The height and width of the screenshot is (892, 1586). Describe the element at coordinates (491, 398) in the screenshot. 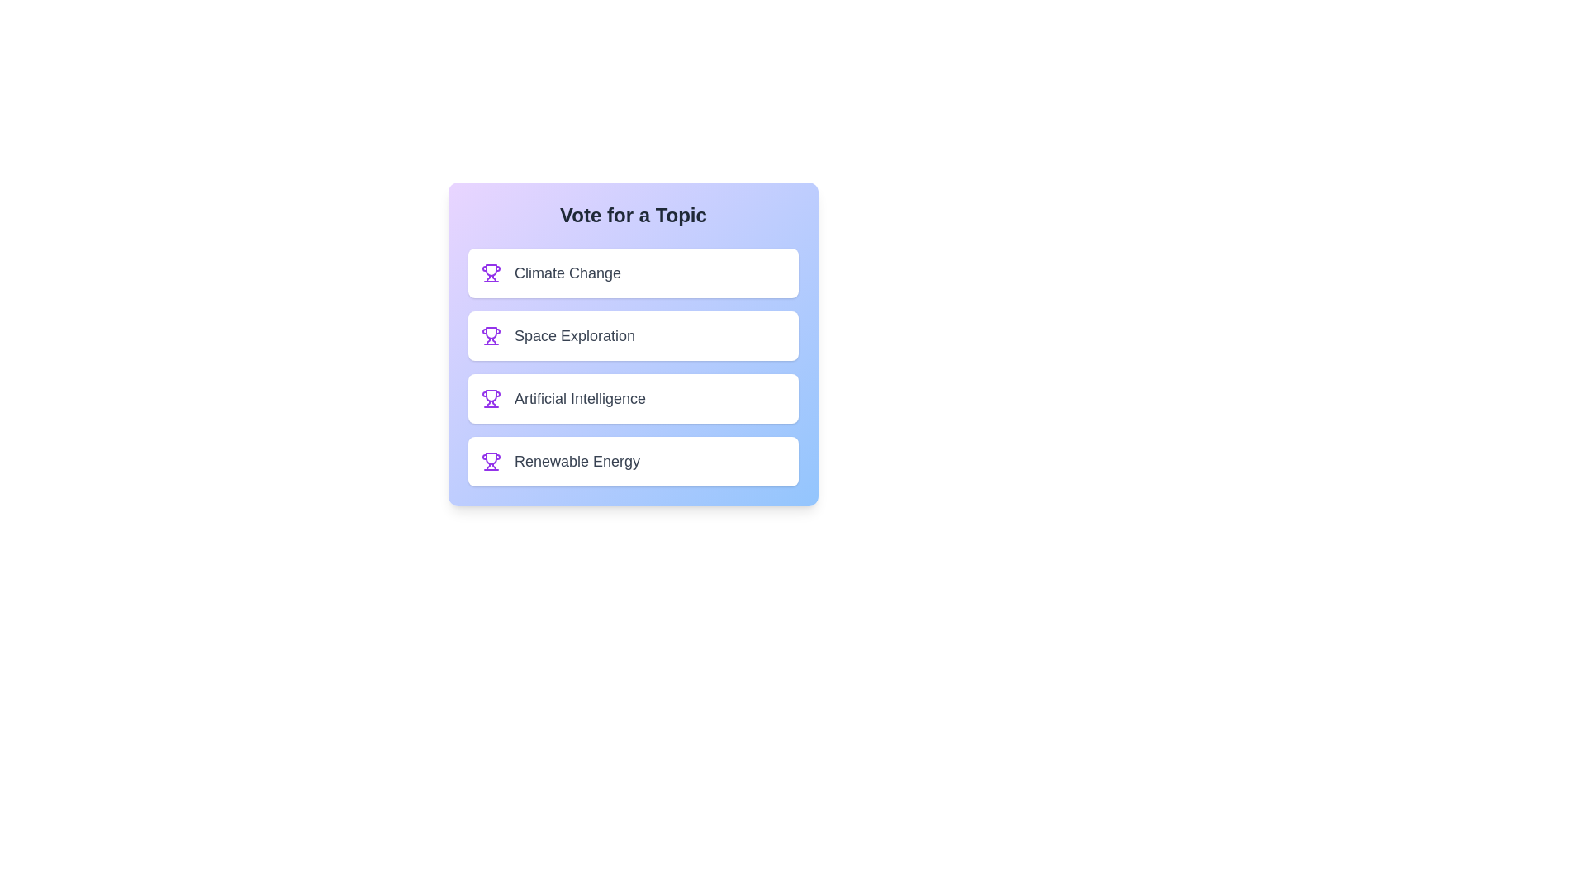

I see `the trophy icon, which is purple in color and located to the left of the text 'Artificial Intelligence' in the 'Vote for a Topic' panel, as a visual cue` at that location.